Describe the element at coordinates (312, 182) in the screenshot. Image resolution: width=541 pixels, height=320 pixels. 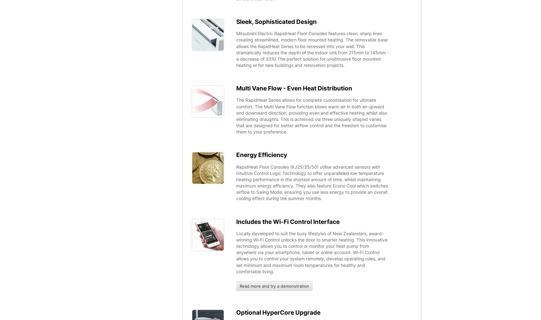
I see `'RapidHeat Floor Consoles (KJ25/35/50) utilise advanced sensors with Intuitive Control Logic Technology to offer unparalleled low temperature heating performance in the shortest amount of time, whilst maintaining maximum energy efficiency. They also feature Econo Cool which switches airflow to Swing Mode; ensuring you use less energy to provide an overall cooling effect during the summer months.'` at that location.